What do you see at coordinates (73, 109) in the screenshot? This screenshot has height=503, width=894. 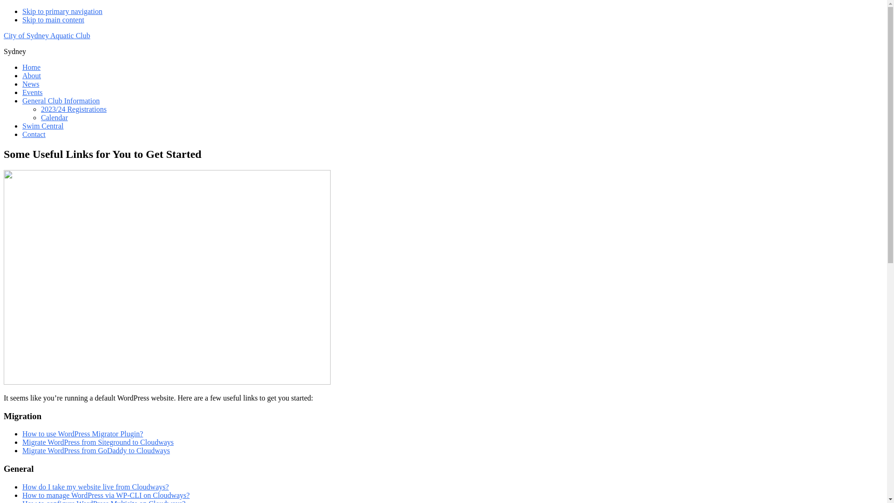 I see `'2023/24 Registrations'` at bounding box center [73, 109].